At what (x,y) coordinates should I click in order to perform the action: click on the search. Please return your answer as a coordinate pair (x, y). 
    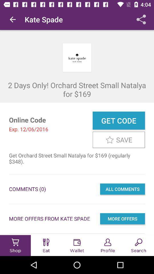
    Looking at the image, I should click on (138, 245).